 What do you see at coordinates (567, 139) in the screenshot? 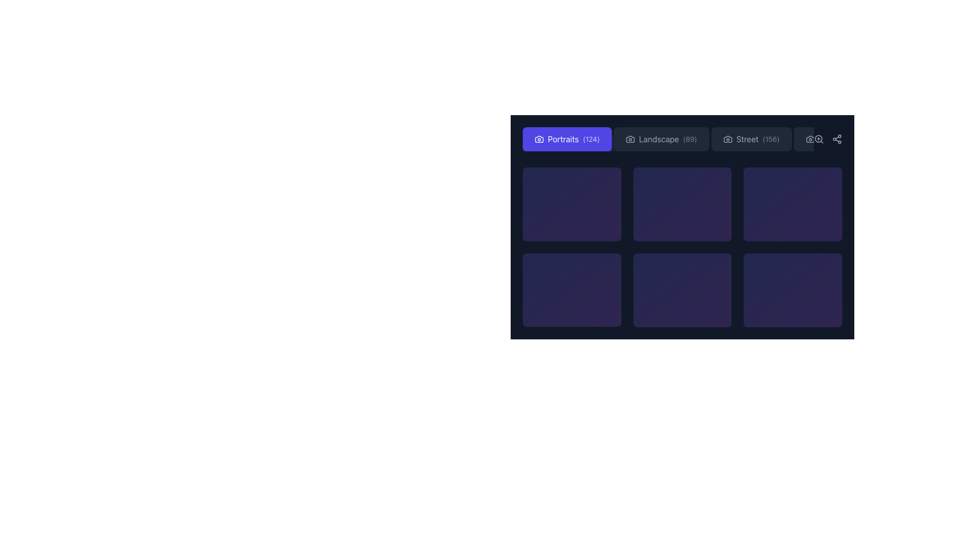
I see `the 'Portraits' button with a purple background and camera icon` at bounding box center [567, 139].